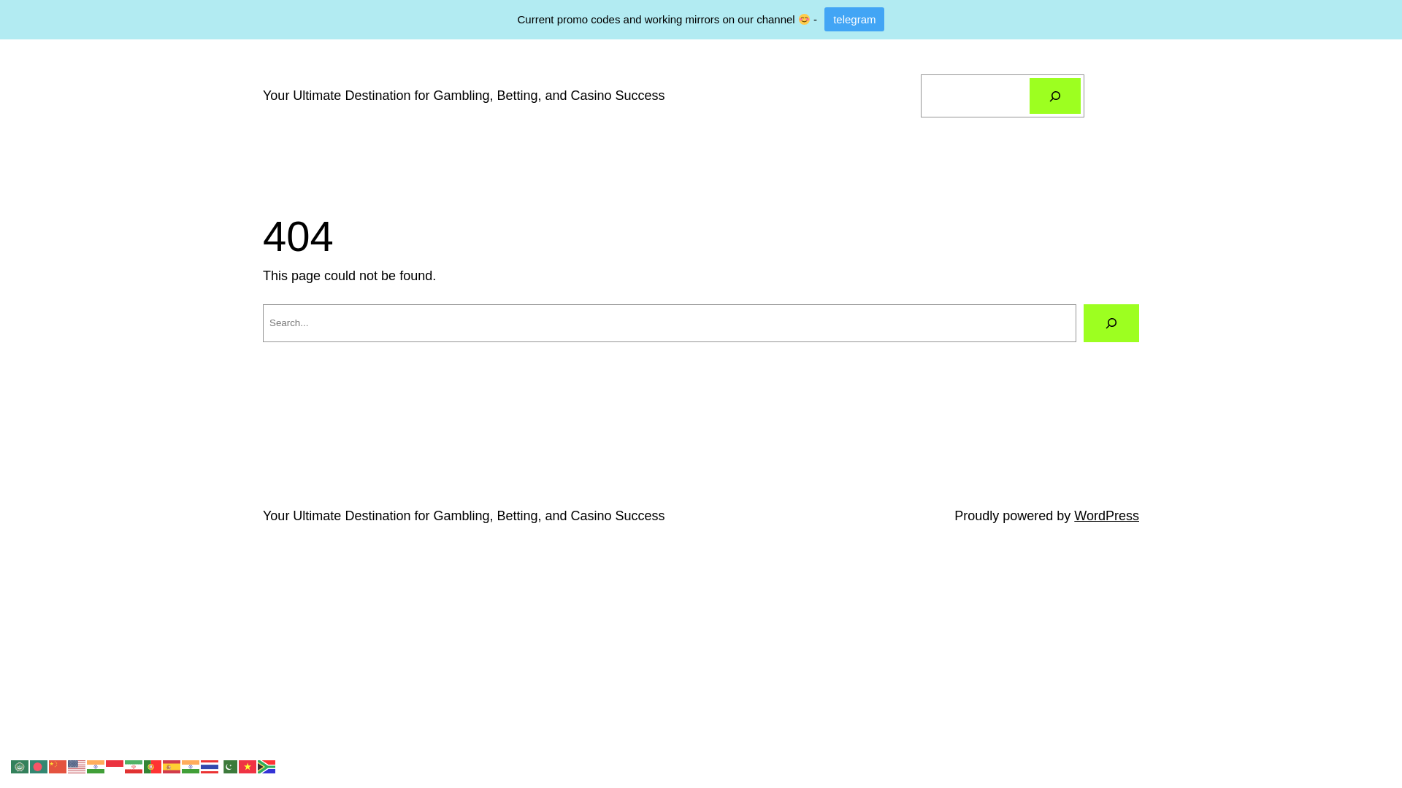 This screenshot has width=1402, height=788. What do you see at coordinates (210, 765) in the screenshot?
I see `'Thai'` at bounding box center [210, 765].